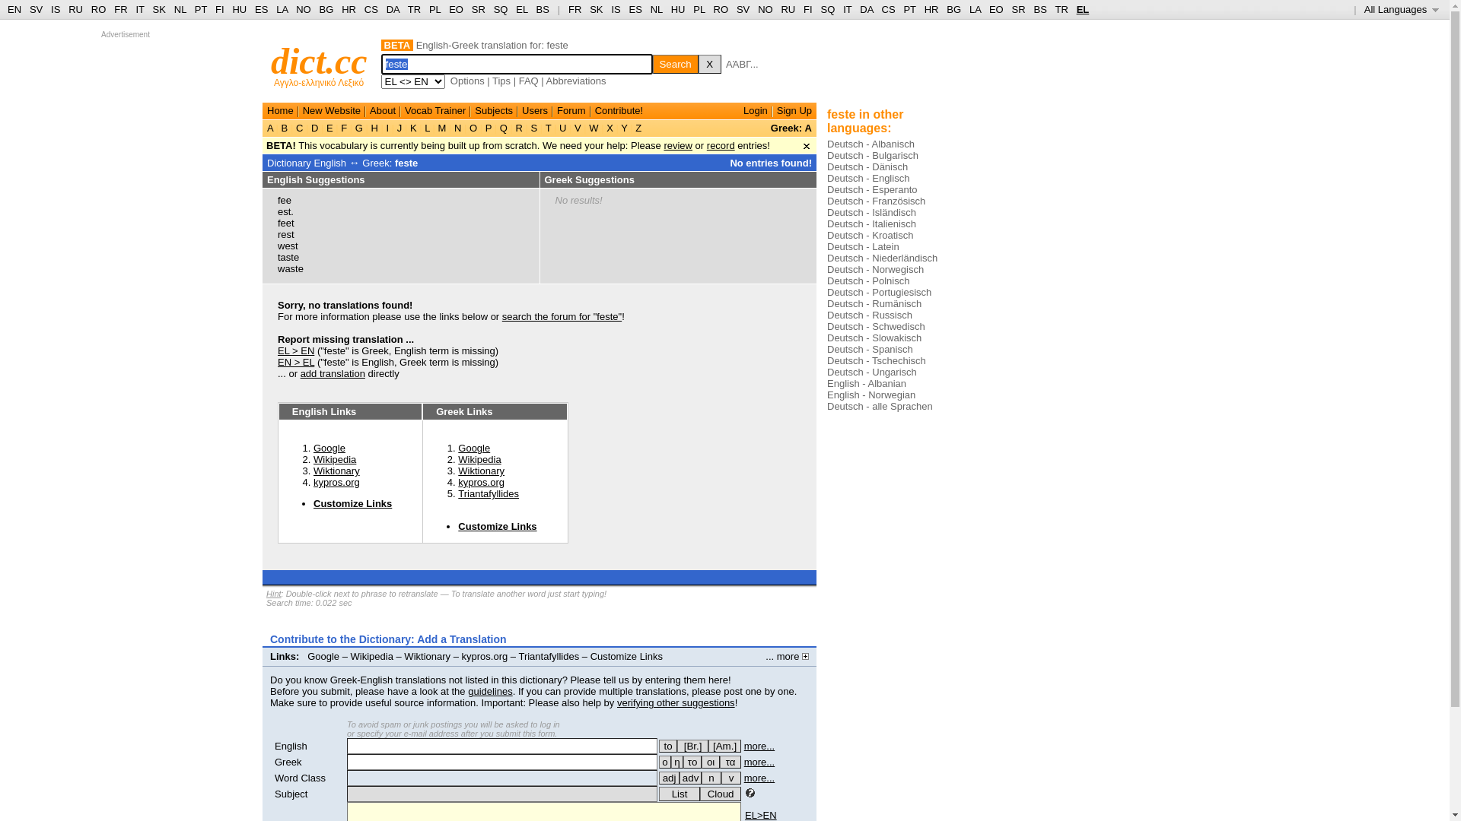 Image resolution: width=1461 pixels, height=821 pixels. What do you see at coordinates (331, 109) in the screenshot?
I see `'New Website'` at bounding box center [331, 109].